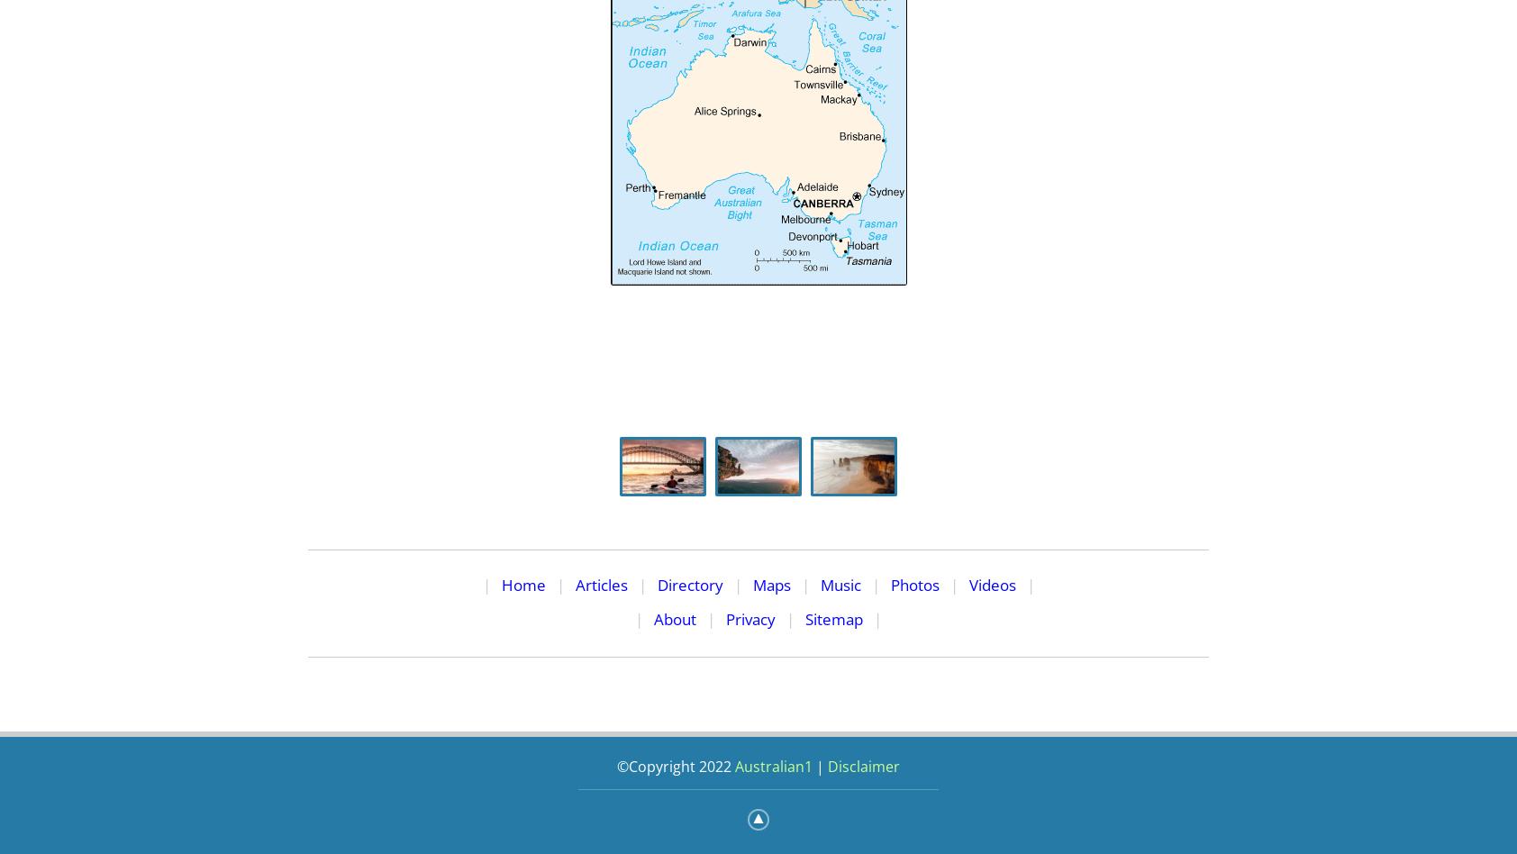 This screenshot has height=854, width=1517. I want to click on 'Privacy', so click(725, 617).